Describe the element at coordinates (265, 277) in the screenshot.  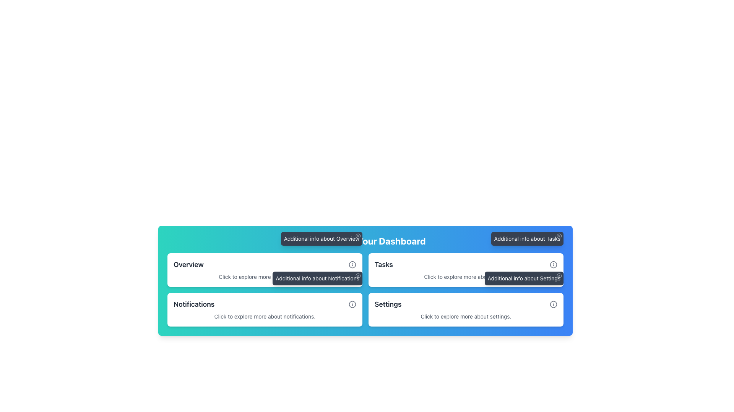
I see `text label that contains the sentence 'Click to explore more about overview.', which is displayed in a small-sized gray font beneath the title 'Overview'` at that location.